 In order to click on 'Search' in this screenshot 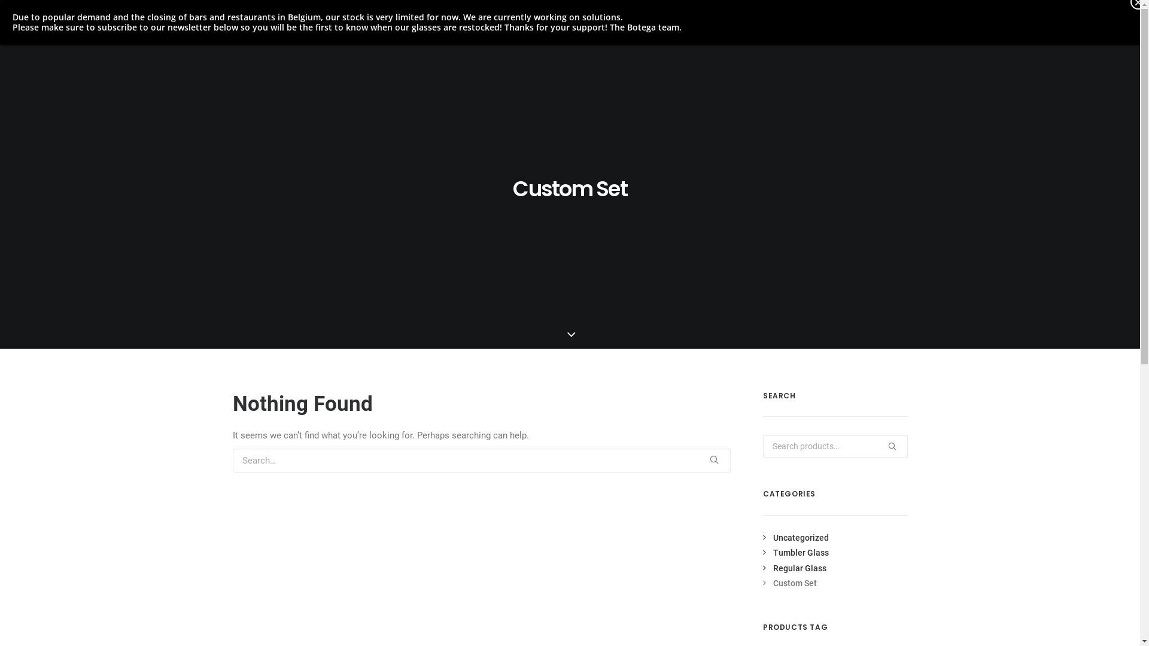, I will do `click(762, 446)`.